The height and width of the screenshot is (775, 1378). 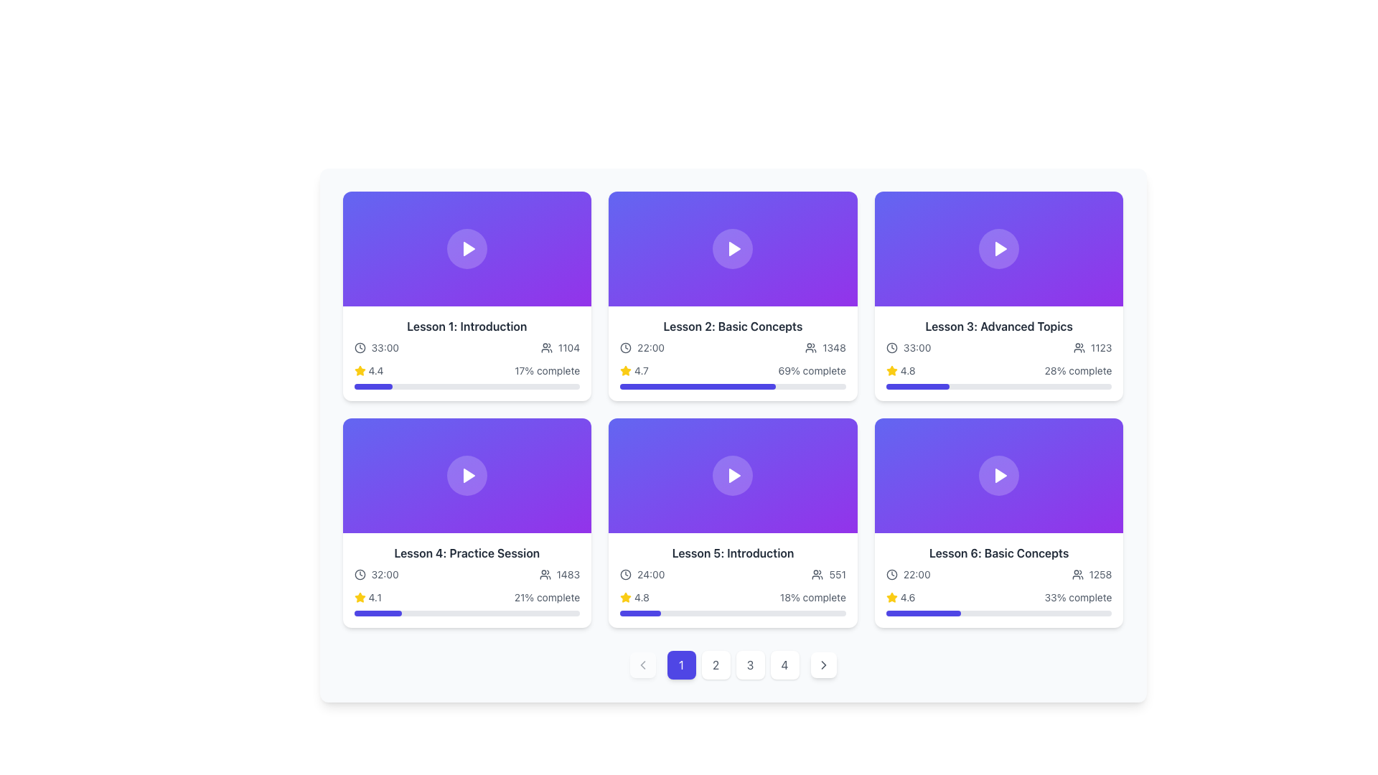 What do you see at coordinates (633, 370) in the screenshot?
I see `the Rating display element that visually shows the course rating, located in the second panel of the grid layout, close to the progress bar and the '69% complete' text` at bounding box center [633, 370].